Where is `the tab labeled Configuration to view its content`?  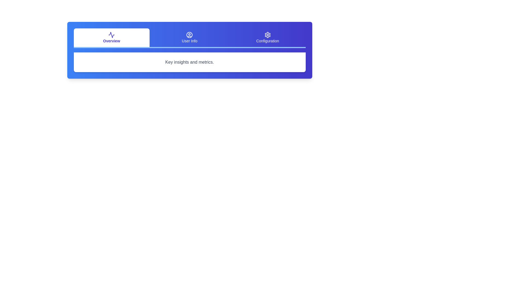
the tab labeled Configuration to view its content is located at coordinates (267, 37).